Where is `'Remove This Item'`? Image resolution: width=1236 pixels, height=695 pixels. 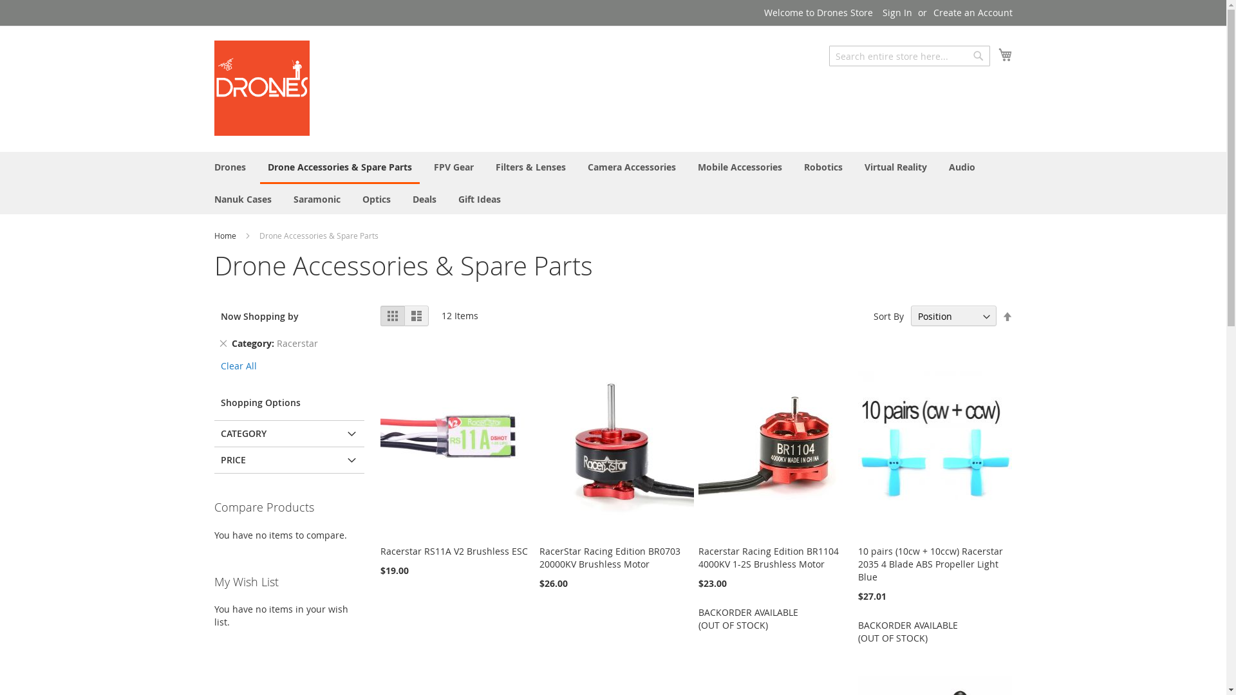 'Remove This Item' is located at coordinates (222, 342).